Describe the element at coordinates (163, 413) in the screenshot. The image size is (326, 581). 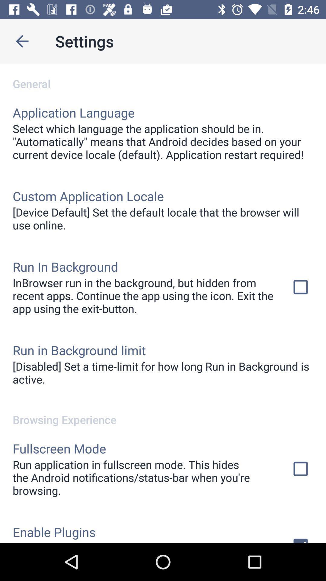
I see `the browsing experience item` at that location.